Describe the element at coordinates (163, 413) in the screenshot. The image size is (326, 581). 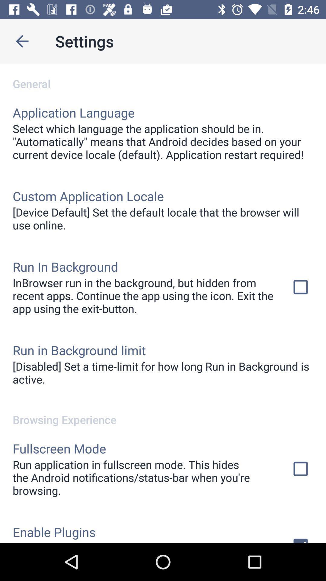
I see `the browsing experience item` at that location.